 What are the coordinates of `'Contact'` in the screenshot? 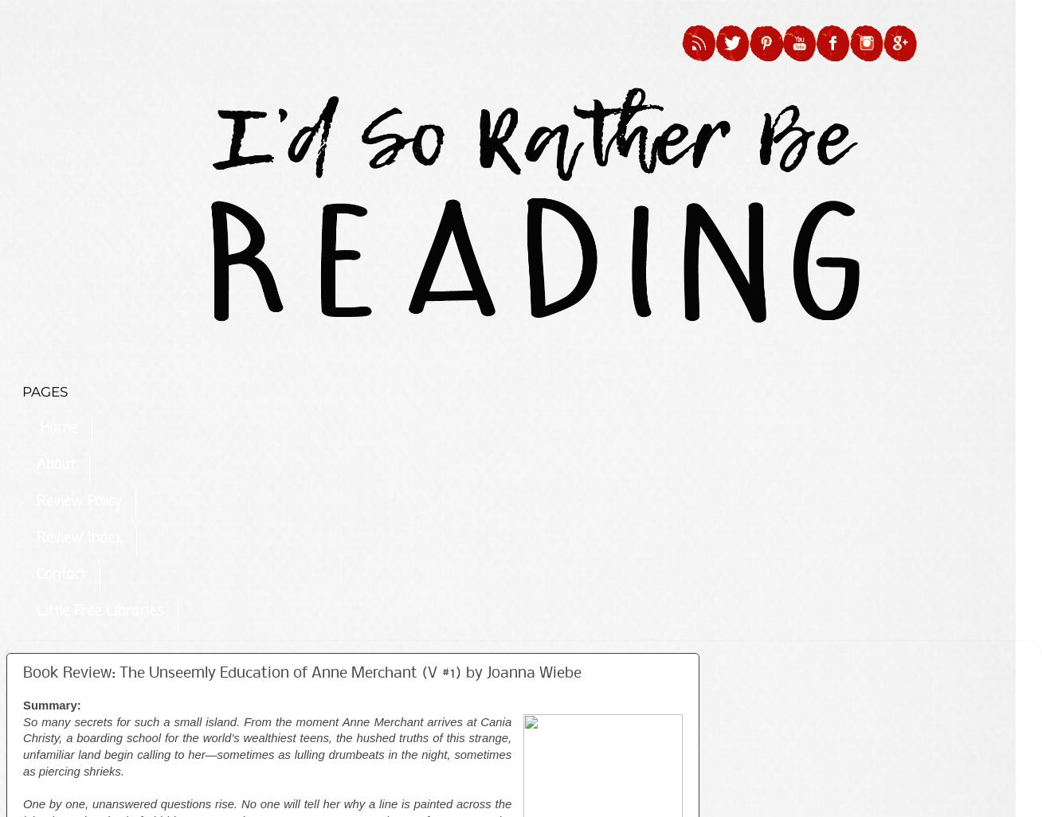 It's located at (37, 574).